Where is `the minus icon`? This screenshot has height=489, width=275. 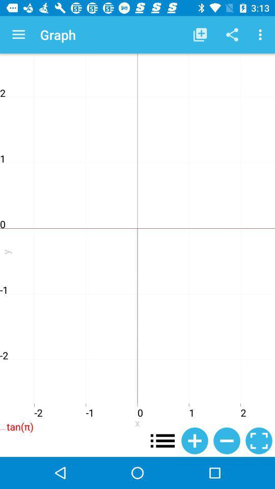
the minus icon is located at coordinates (227, 440).